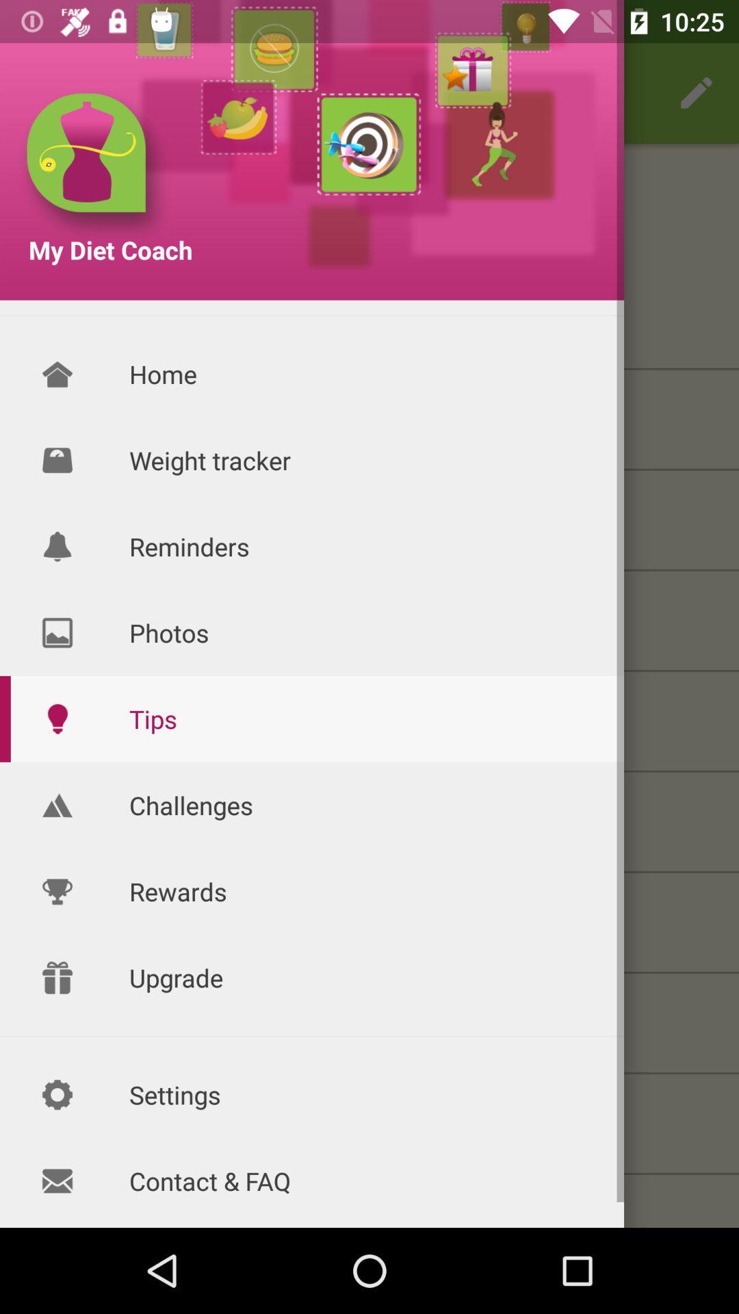 This screenshot has height=1314, width=739. Describe the element at coordinates (57, 374) in the screenshot. I see `home symbol` at that location.